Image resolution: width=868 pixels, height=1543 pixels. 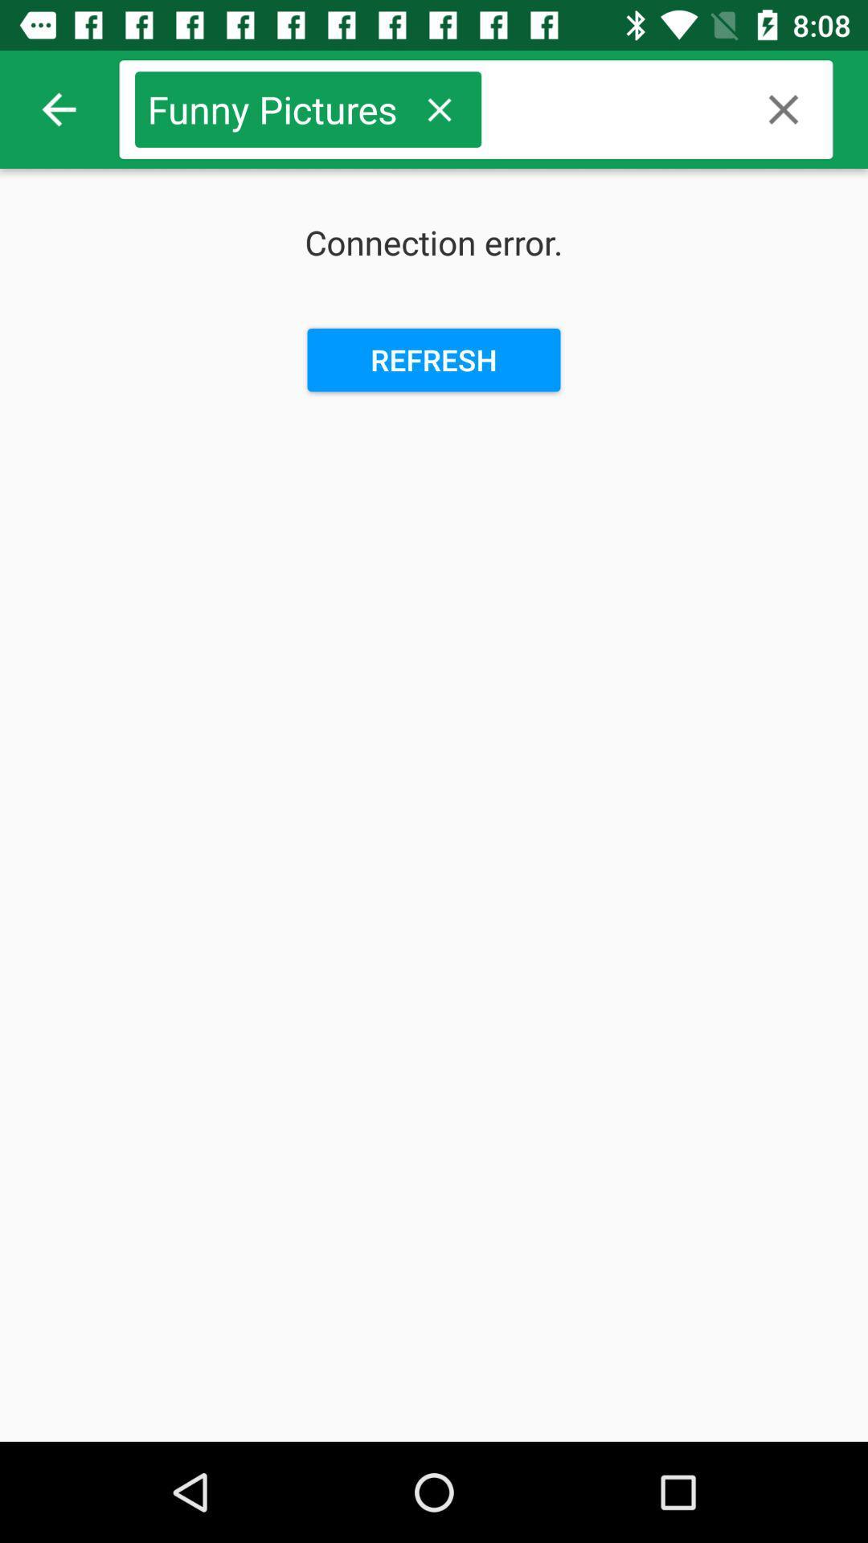 I want to click on item next to funny pictures, so click(x=58, y=108).